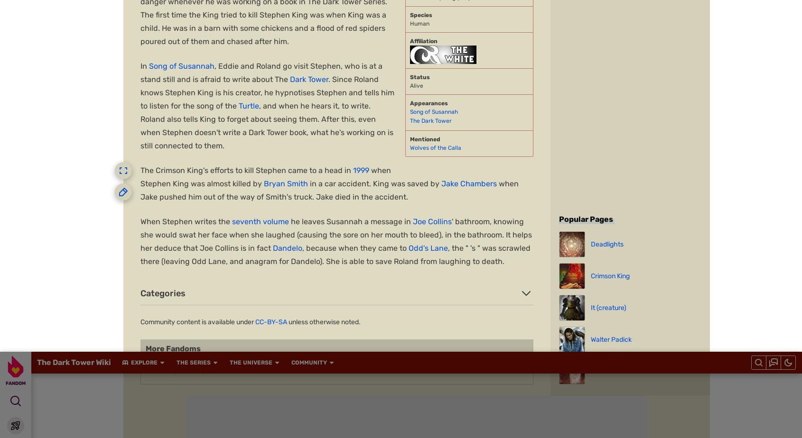  Describe the element at coordinates (561, 330) in the screenshot. I see `'Fandom Apps'` at that location.